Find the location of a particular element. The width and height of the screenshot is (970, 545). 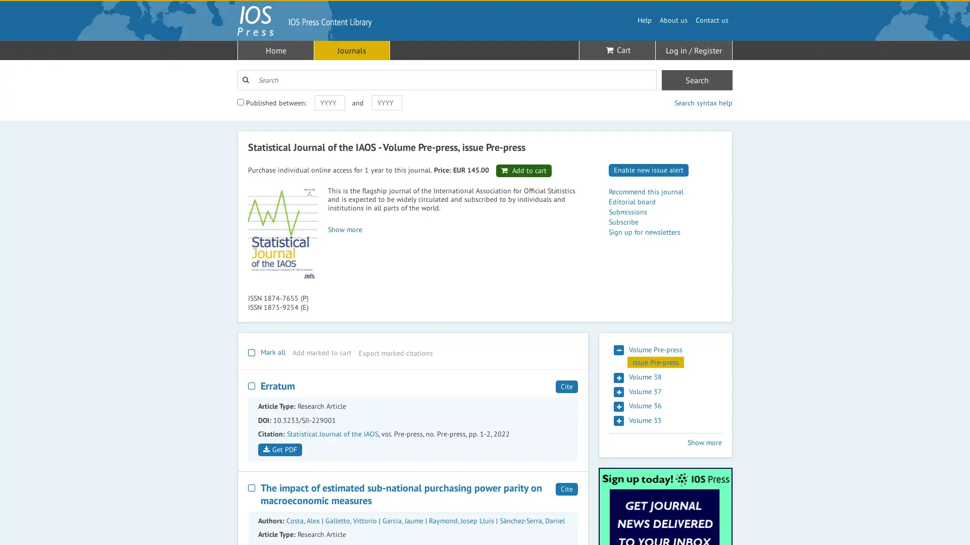

Show more is located at coordinates (345, 230).